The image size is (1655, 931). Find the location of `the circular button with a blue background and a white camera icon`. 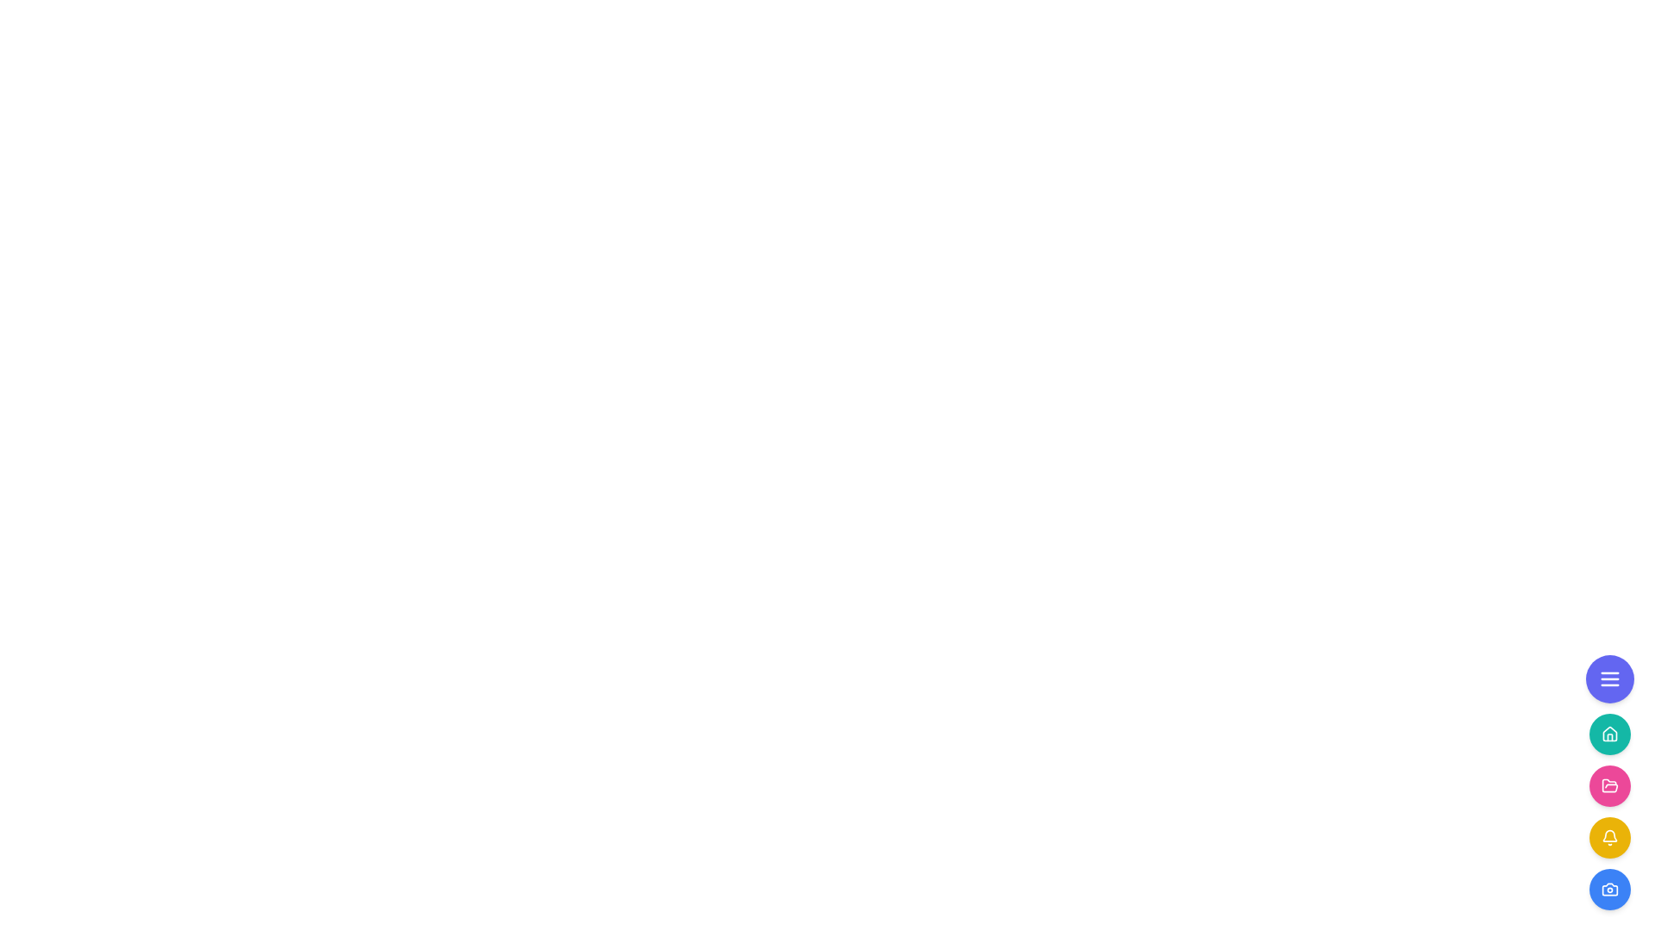

the circular button with a blue background and a white camera icon is located at coordinates (1608, 890).